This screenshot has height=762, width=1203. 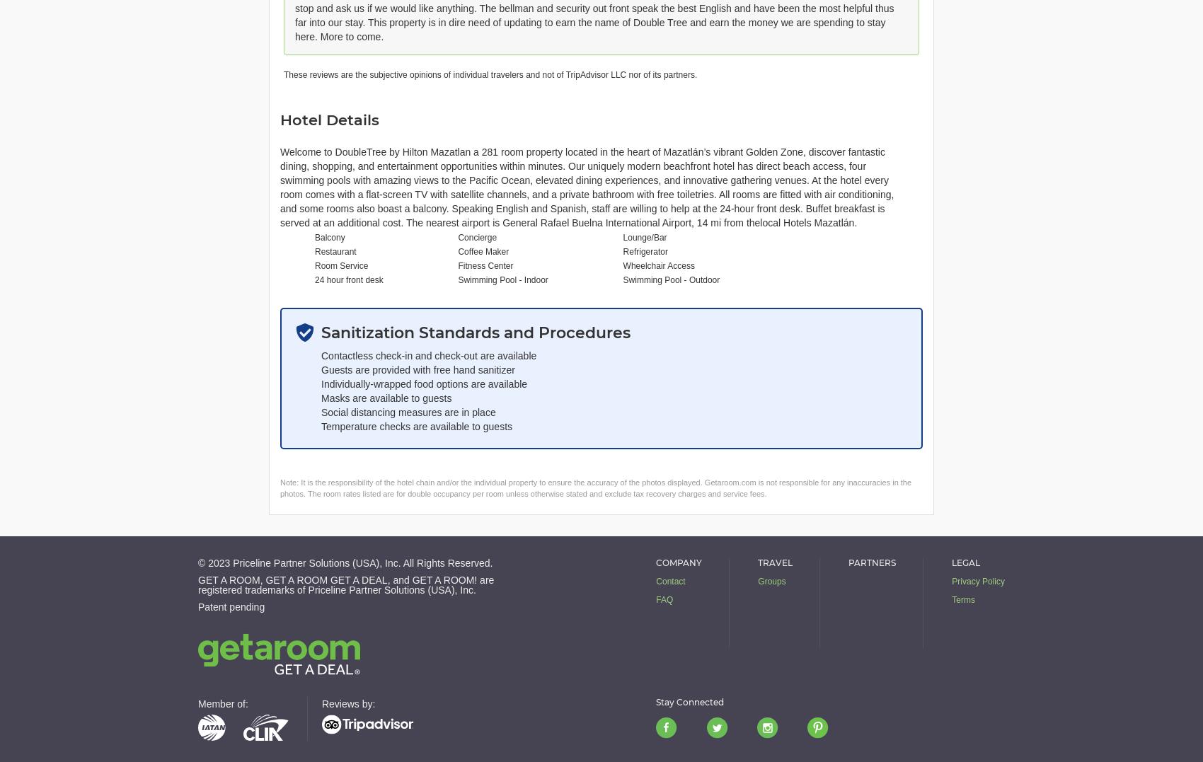 I want to click on 'FAQ', so click(x=664, y=598).